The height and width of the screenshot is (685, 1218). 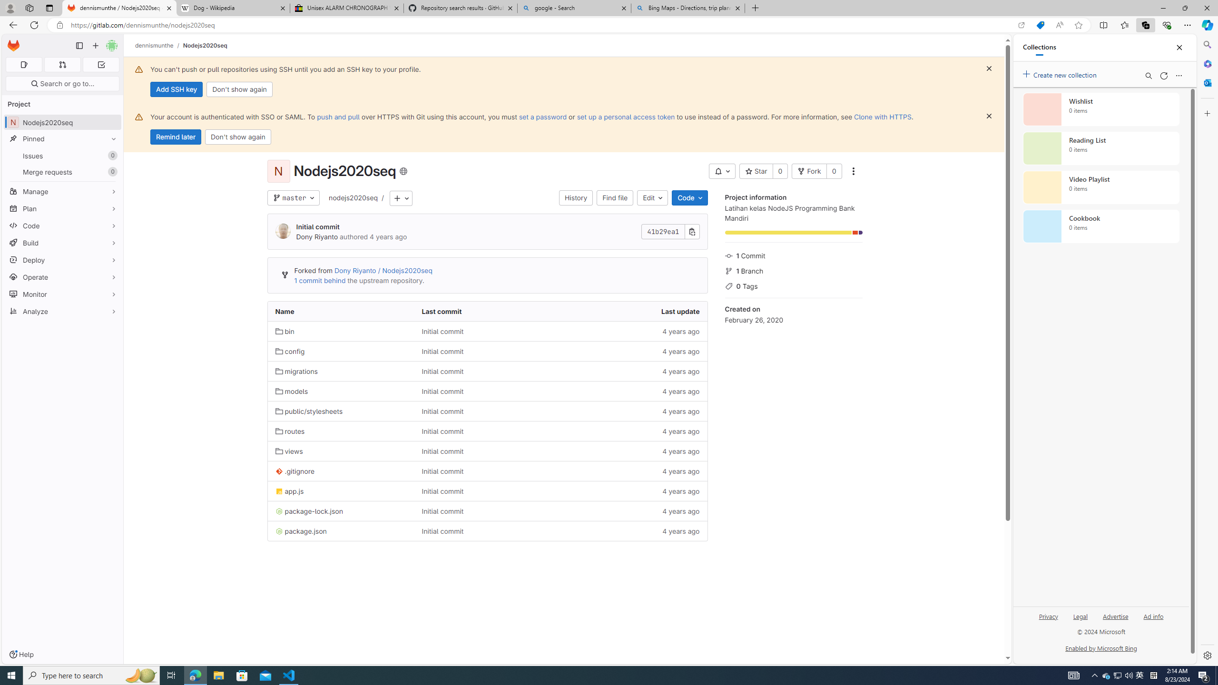 I want to click on 'Plan', so click(x=62, y=208).